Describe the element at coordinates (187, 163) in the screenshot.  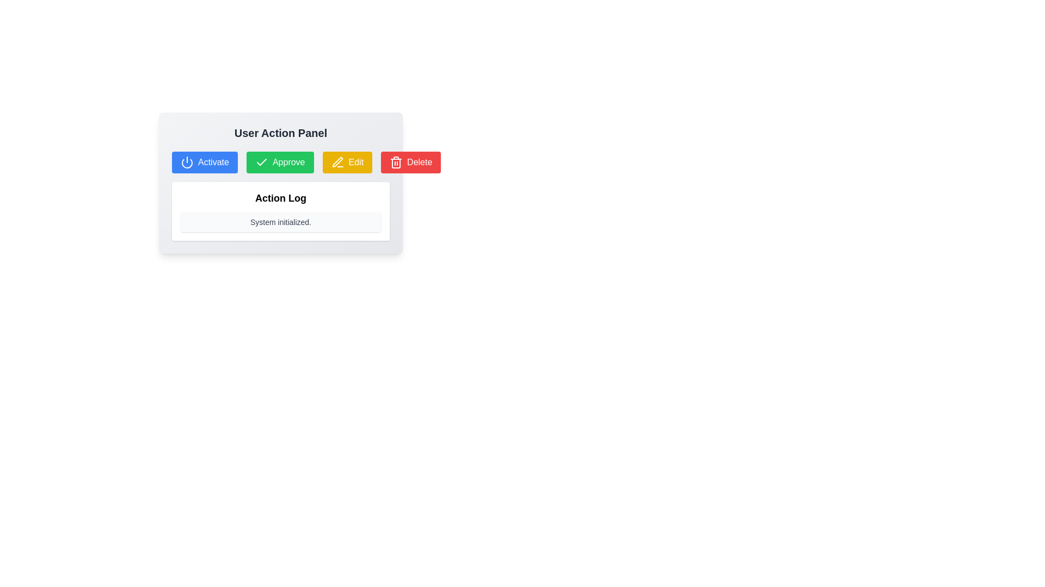
I see `the graphical power icon with a blue background located at the leftmost part of the 'Activate' button in the top-left area of the interface` at that location.